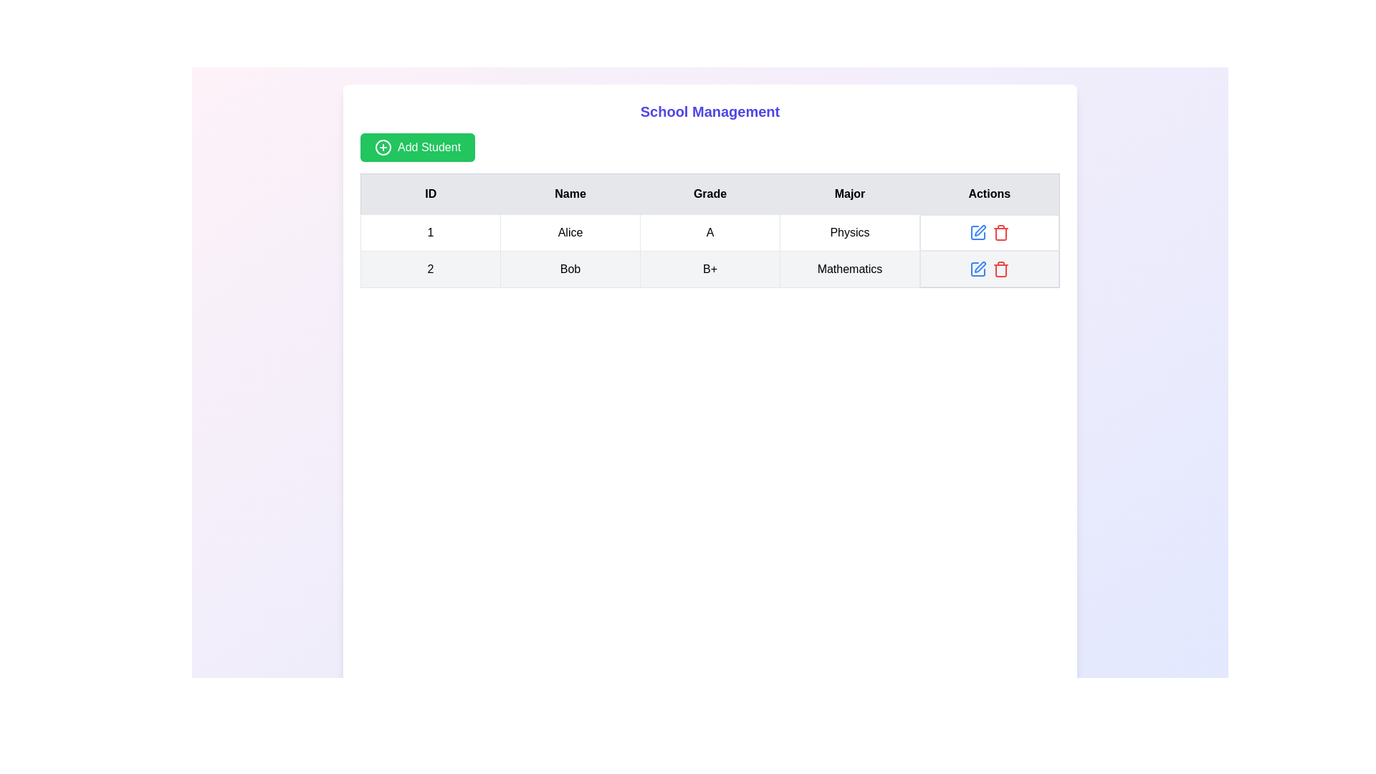 Image resolution: width=1376 pixels, height=774 pixels. I want to click on the edit button located in the 'Actions' column of the first row of the data table to initiate an edit operation, so click(977, 231).